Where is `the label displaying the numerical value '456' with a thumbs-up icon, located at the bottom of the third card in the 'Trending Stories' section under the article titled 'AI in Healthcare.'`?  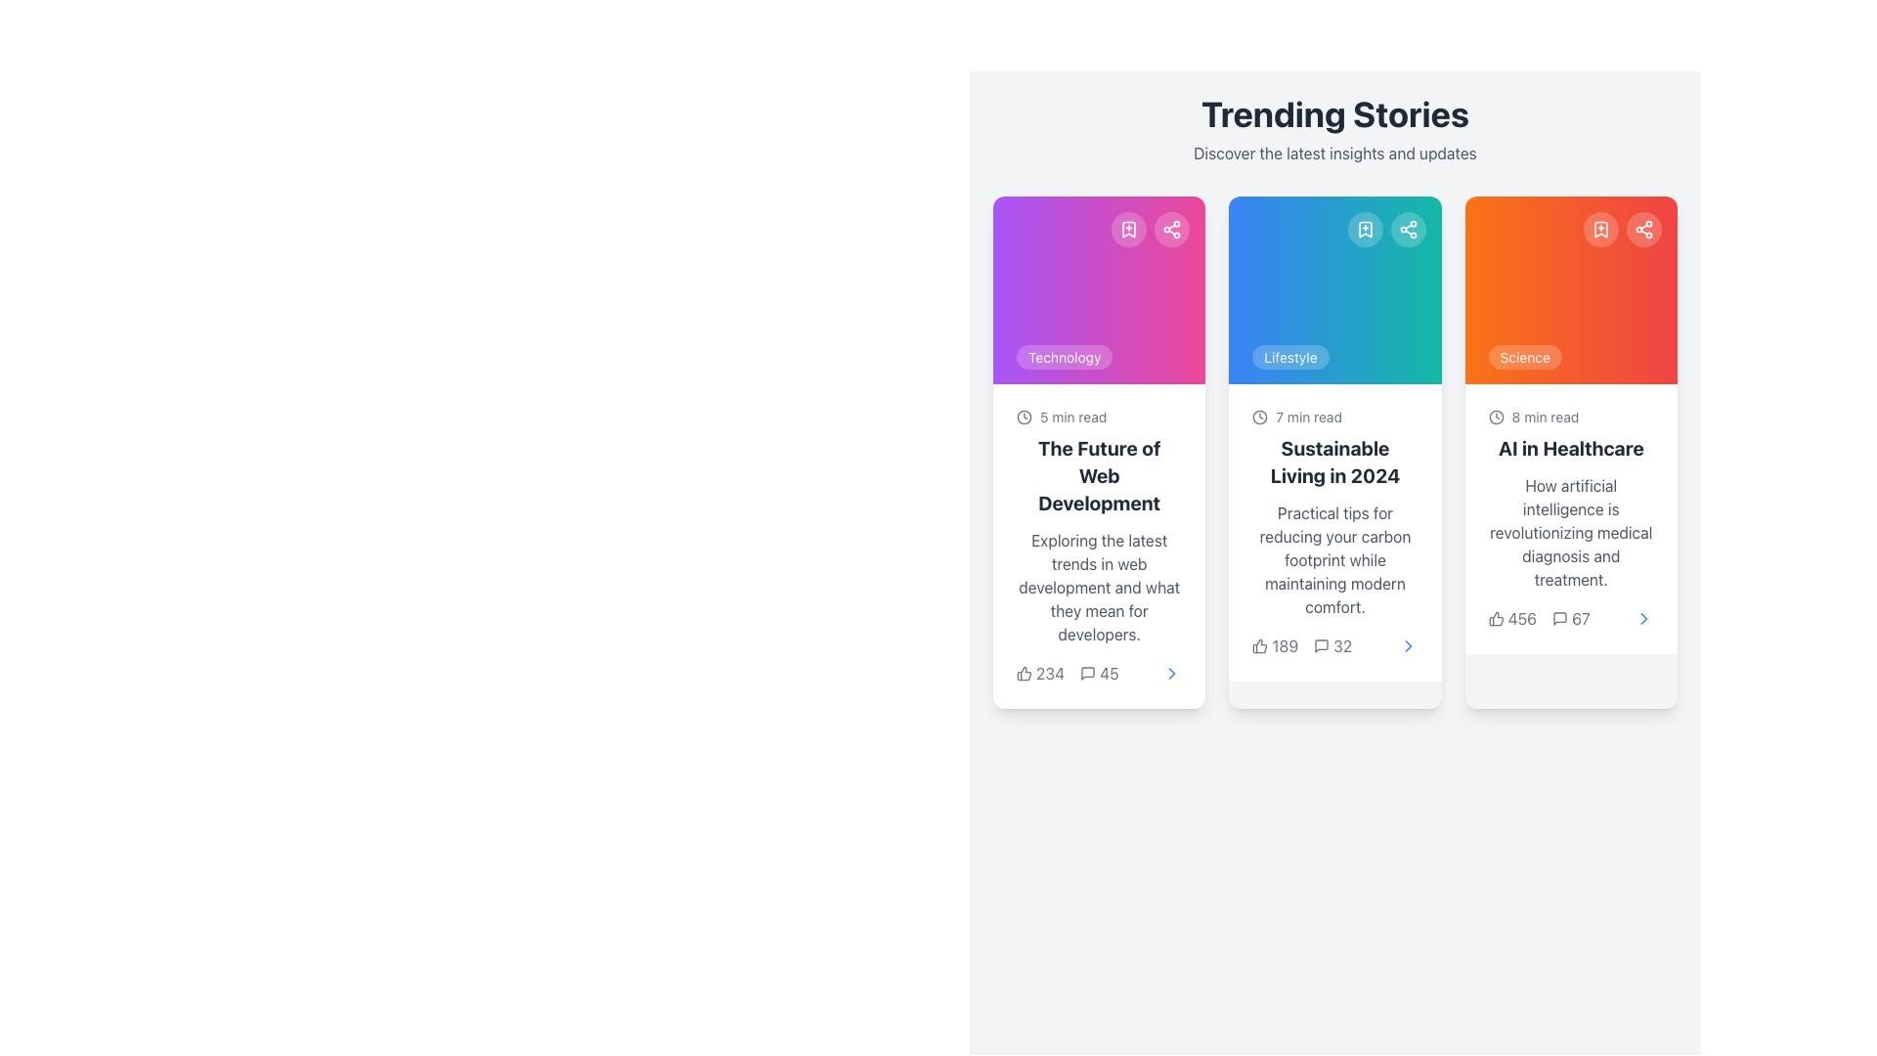
the label displaying the numerical value '456' with a thumbs-up icon, located at the bottom of the third card in the 'Trending Stories' section under the article titled 'AI in Healthcare.' is located at coordinates (1538, 618).